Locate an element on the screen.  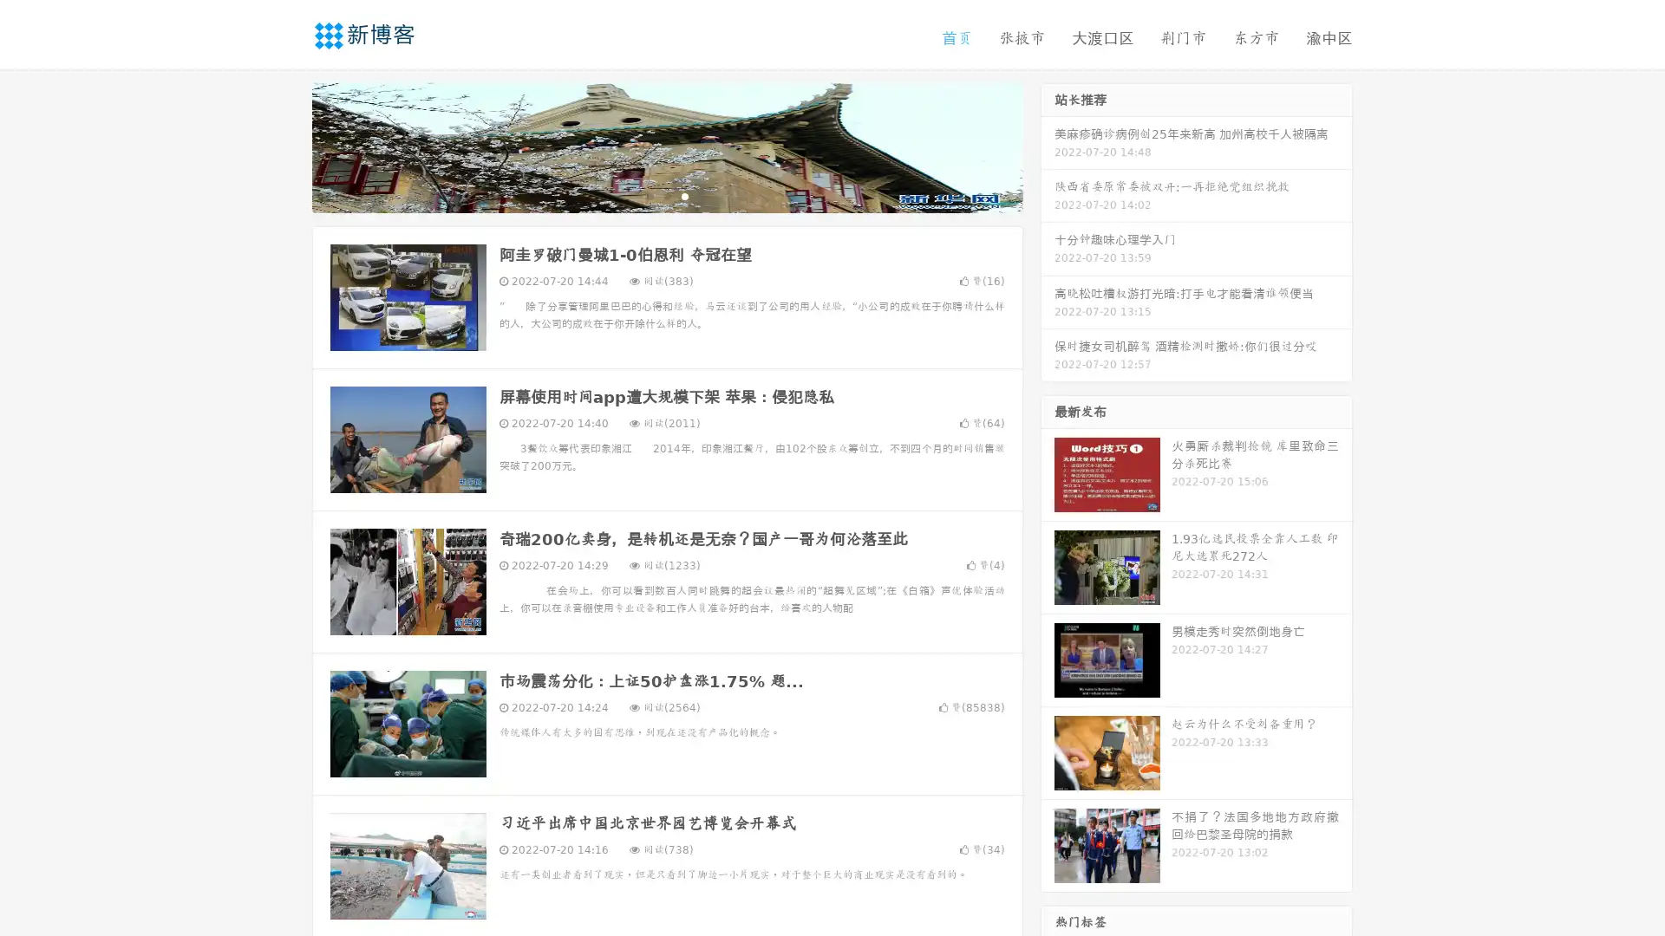
Go to slide 1 is located at coordinates (649, 195).